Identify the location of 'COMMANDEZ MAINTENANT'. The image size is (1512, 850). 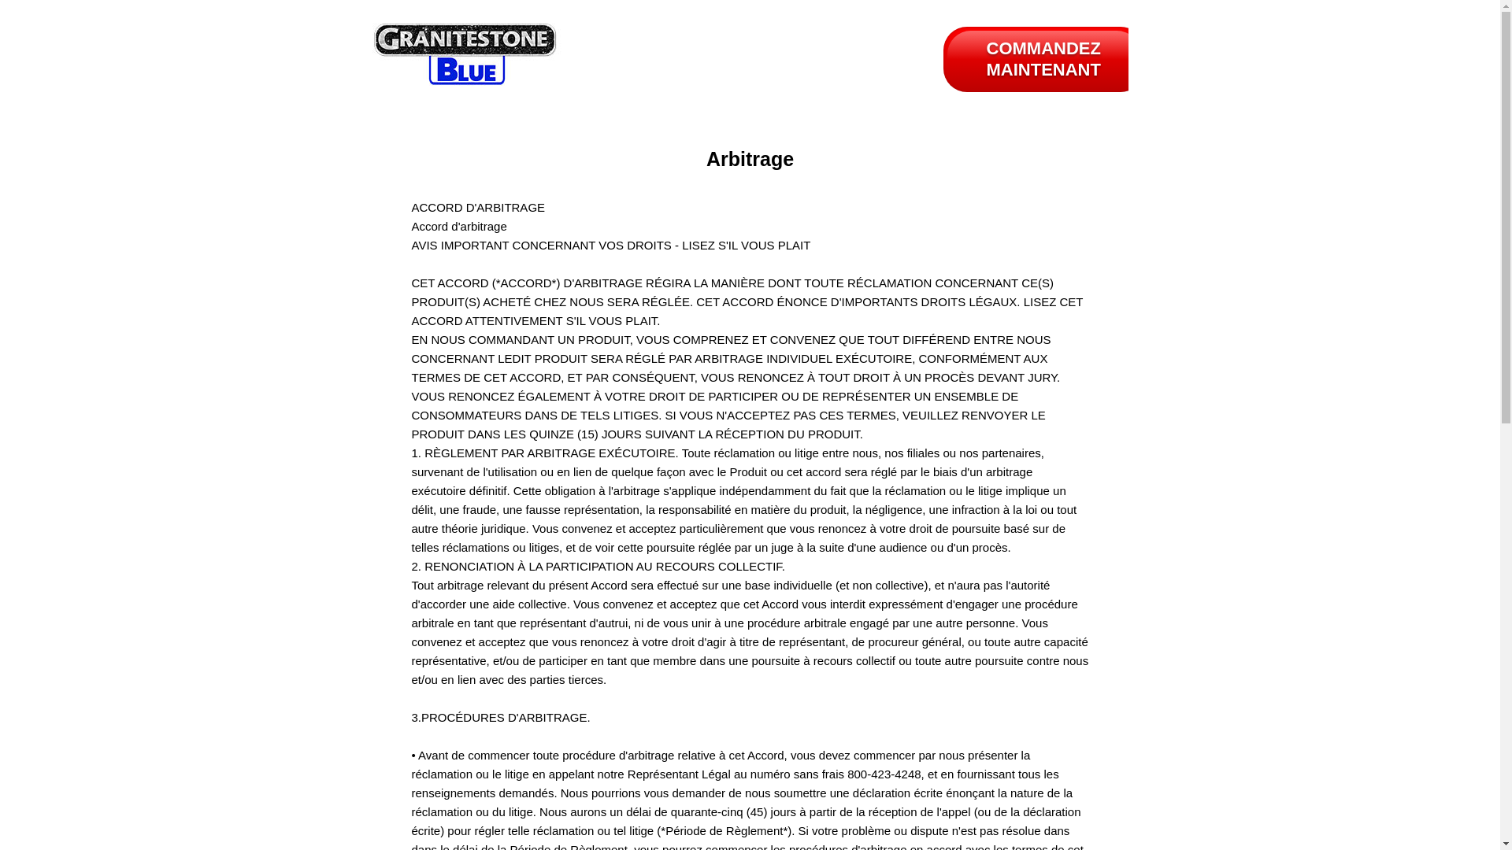
(1043, 58).